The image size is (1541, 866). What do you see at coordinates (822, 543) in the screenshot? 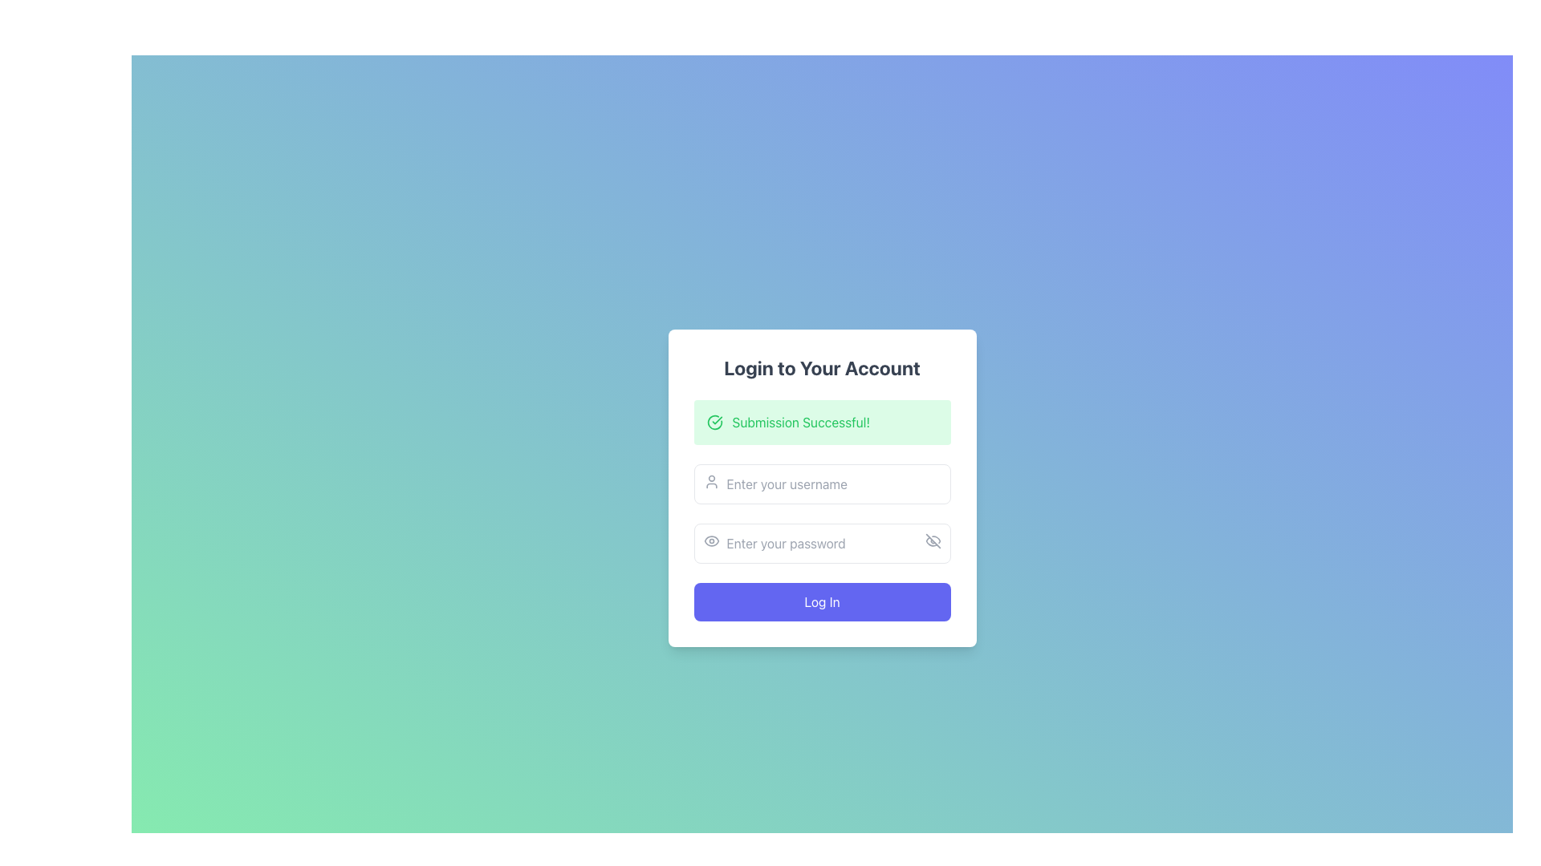
I see `the password input field with placeholder text 'Enter your password', located below the username field and above the Log In button` at bounding box center [822, 543].